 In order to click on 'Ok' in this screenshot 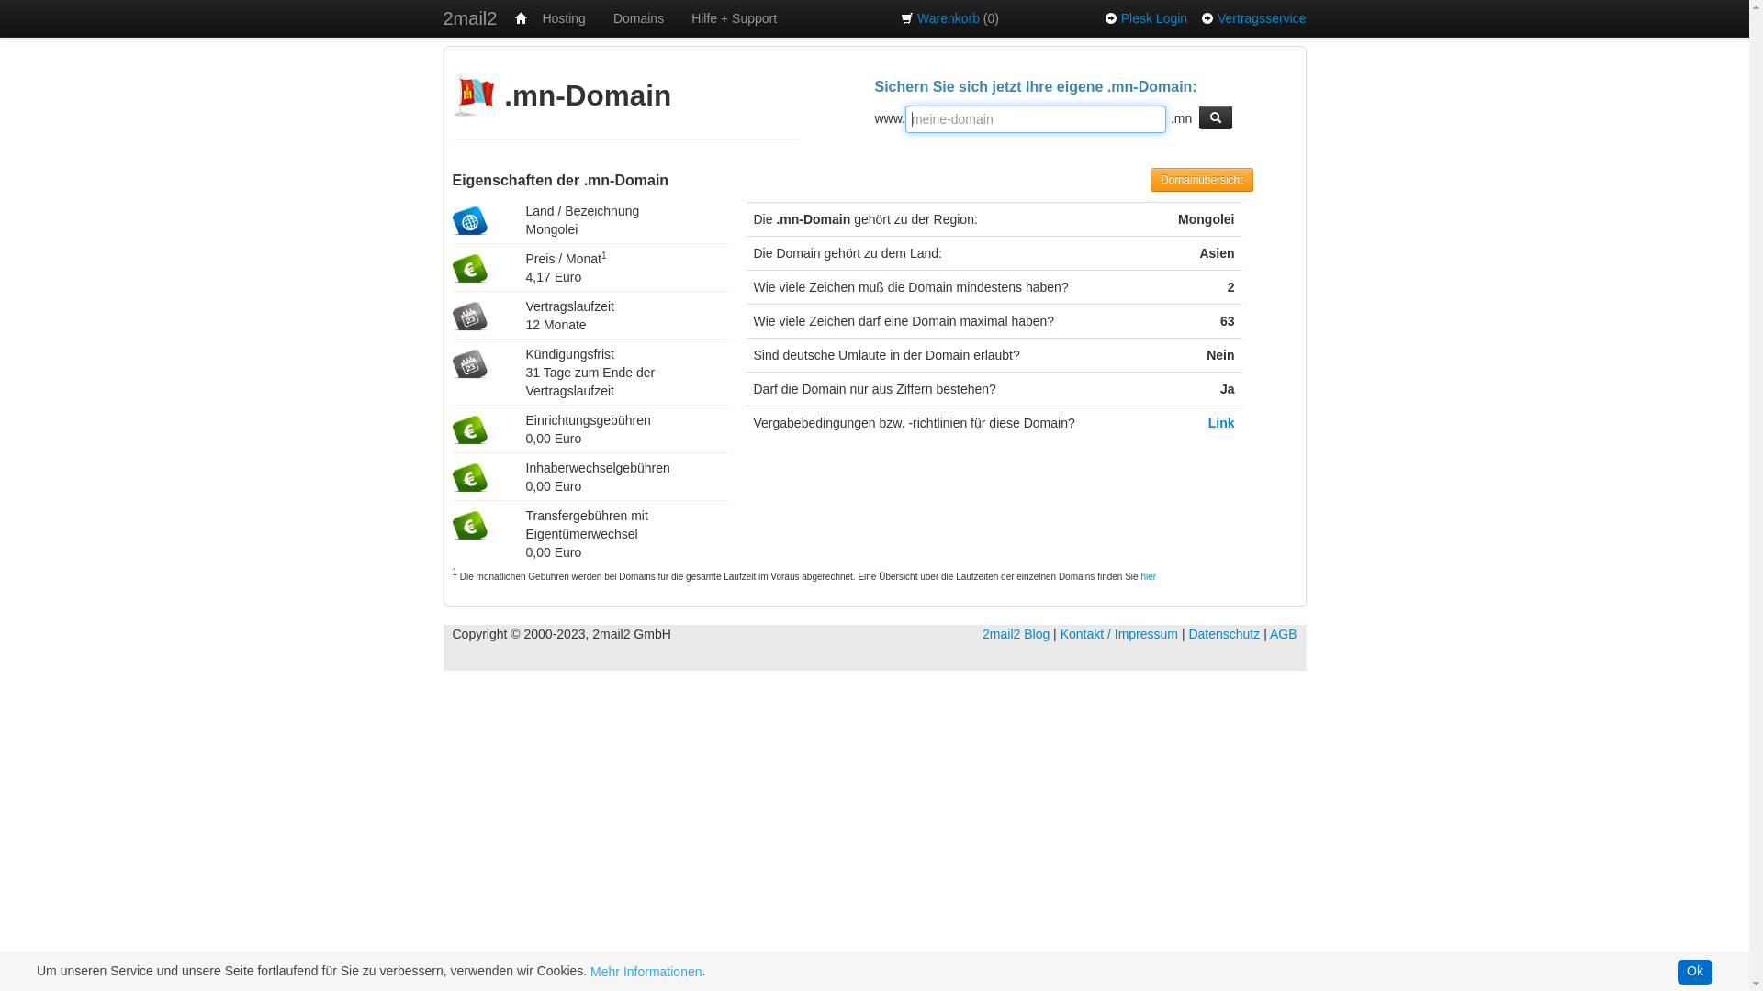, I will do `click(1694, 971)`.